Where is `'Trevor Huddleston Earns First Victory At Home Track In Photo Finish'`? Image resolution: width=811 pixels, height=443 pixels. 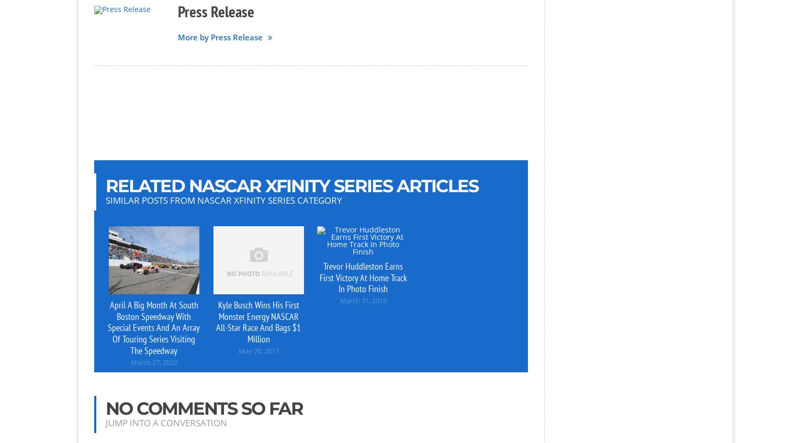 'Trevor Huddleston Earns First Victory At Home Track In Photo Finish' is located at coordinates (362, 277).